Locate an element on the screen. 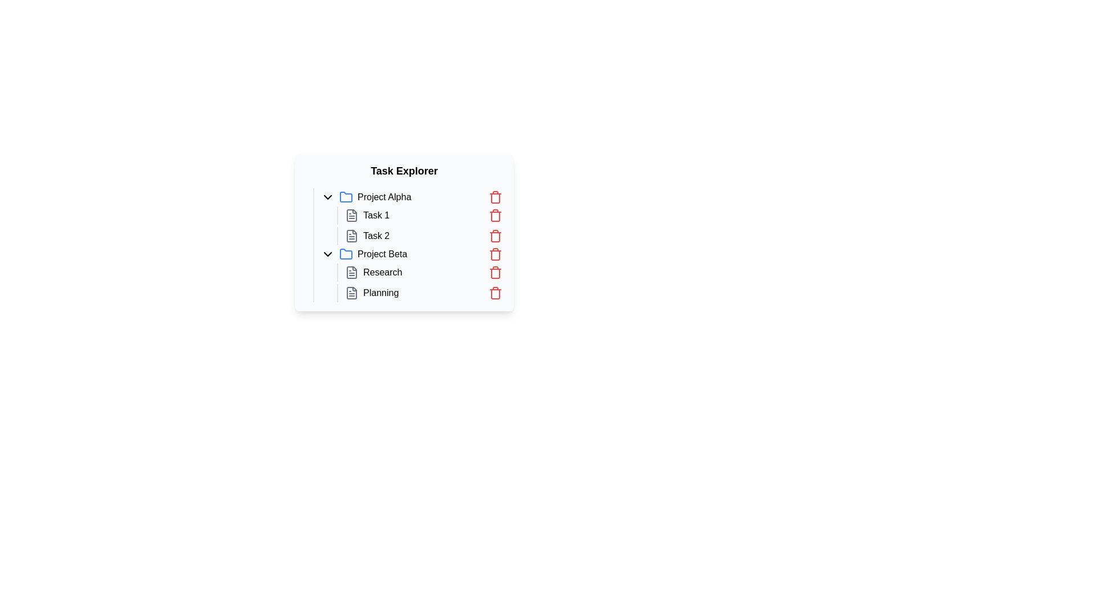 This screenshot has width=1095, height=616. the 'Project Beta' folder entry in the task explorer interface is located at coordinates (411, 254).